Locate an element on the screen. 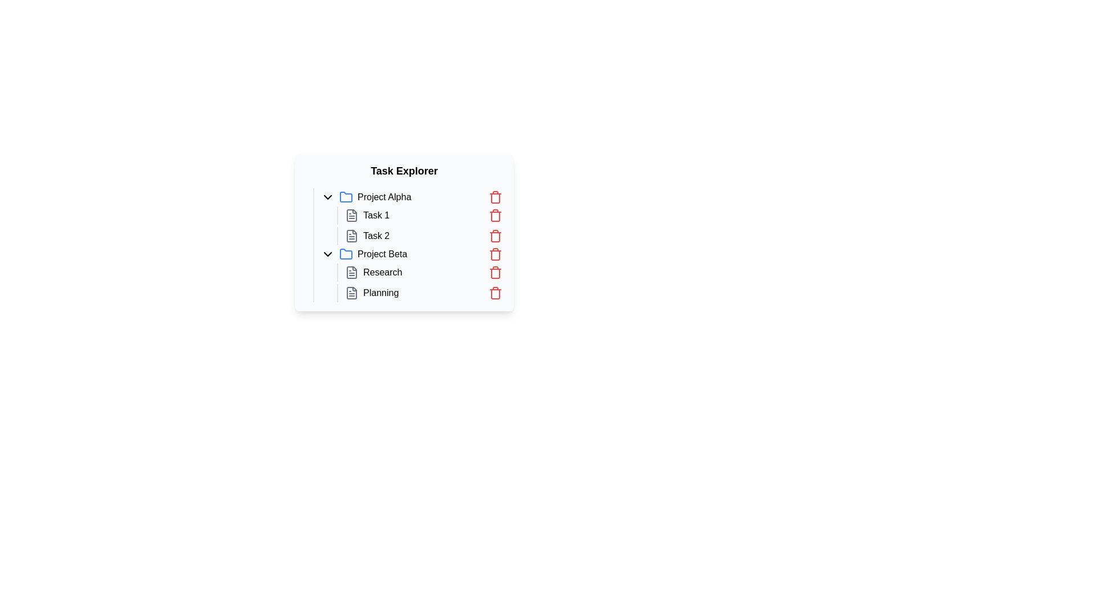 This screenshot has width=1095, height=616. the 'Project Beta' folder entry in the task explorer interface is located at coordinates (411, 254).